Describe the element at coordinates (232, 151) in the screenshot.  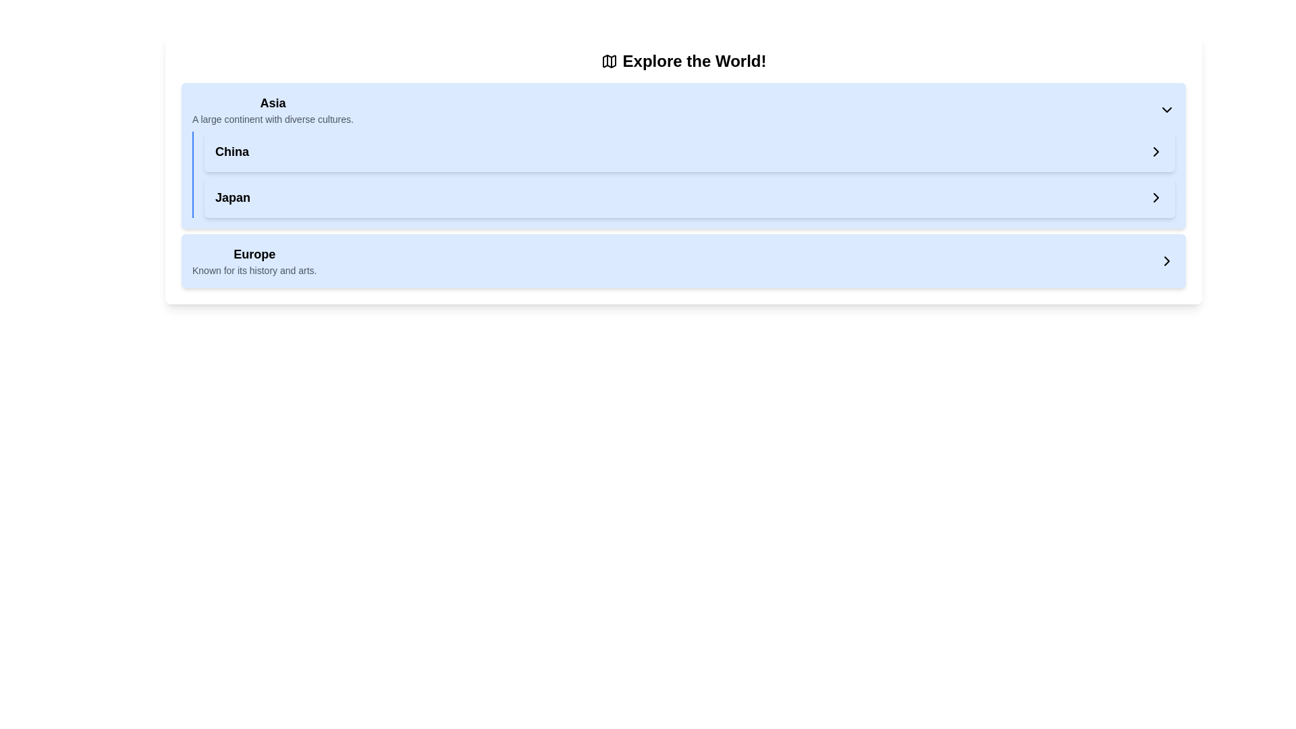
I see `the text label under the heading 'Asia' for interaction, which serves as an identifier for the region and may trigger navigation or display of details` at that location.